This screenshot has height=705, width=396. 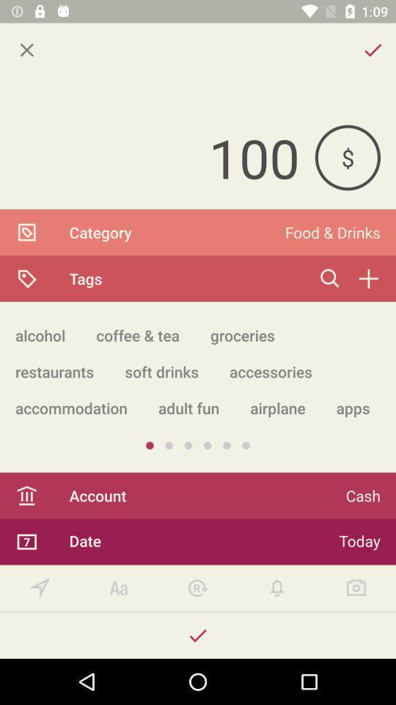 What do you see at coordinates (161, 371) in the screenshot?
I see `the soft drinks item` at bounding box center [161, 371].